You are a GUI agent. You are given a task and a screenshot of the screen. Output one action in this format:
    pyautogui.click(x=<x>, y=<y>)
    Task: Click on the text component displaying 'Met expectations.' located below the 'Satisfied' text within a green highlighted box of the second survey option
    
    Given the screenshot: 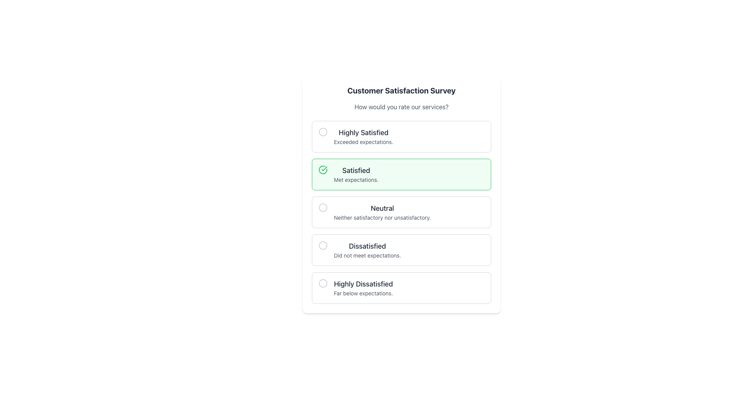 What is the action you would take?
    pyautogui.click(x=356, y=180)
    